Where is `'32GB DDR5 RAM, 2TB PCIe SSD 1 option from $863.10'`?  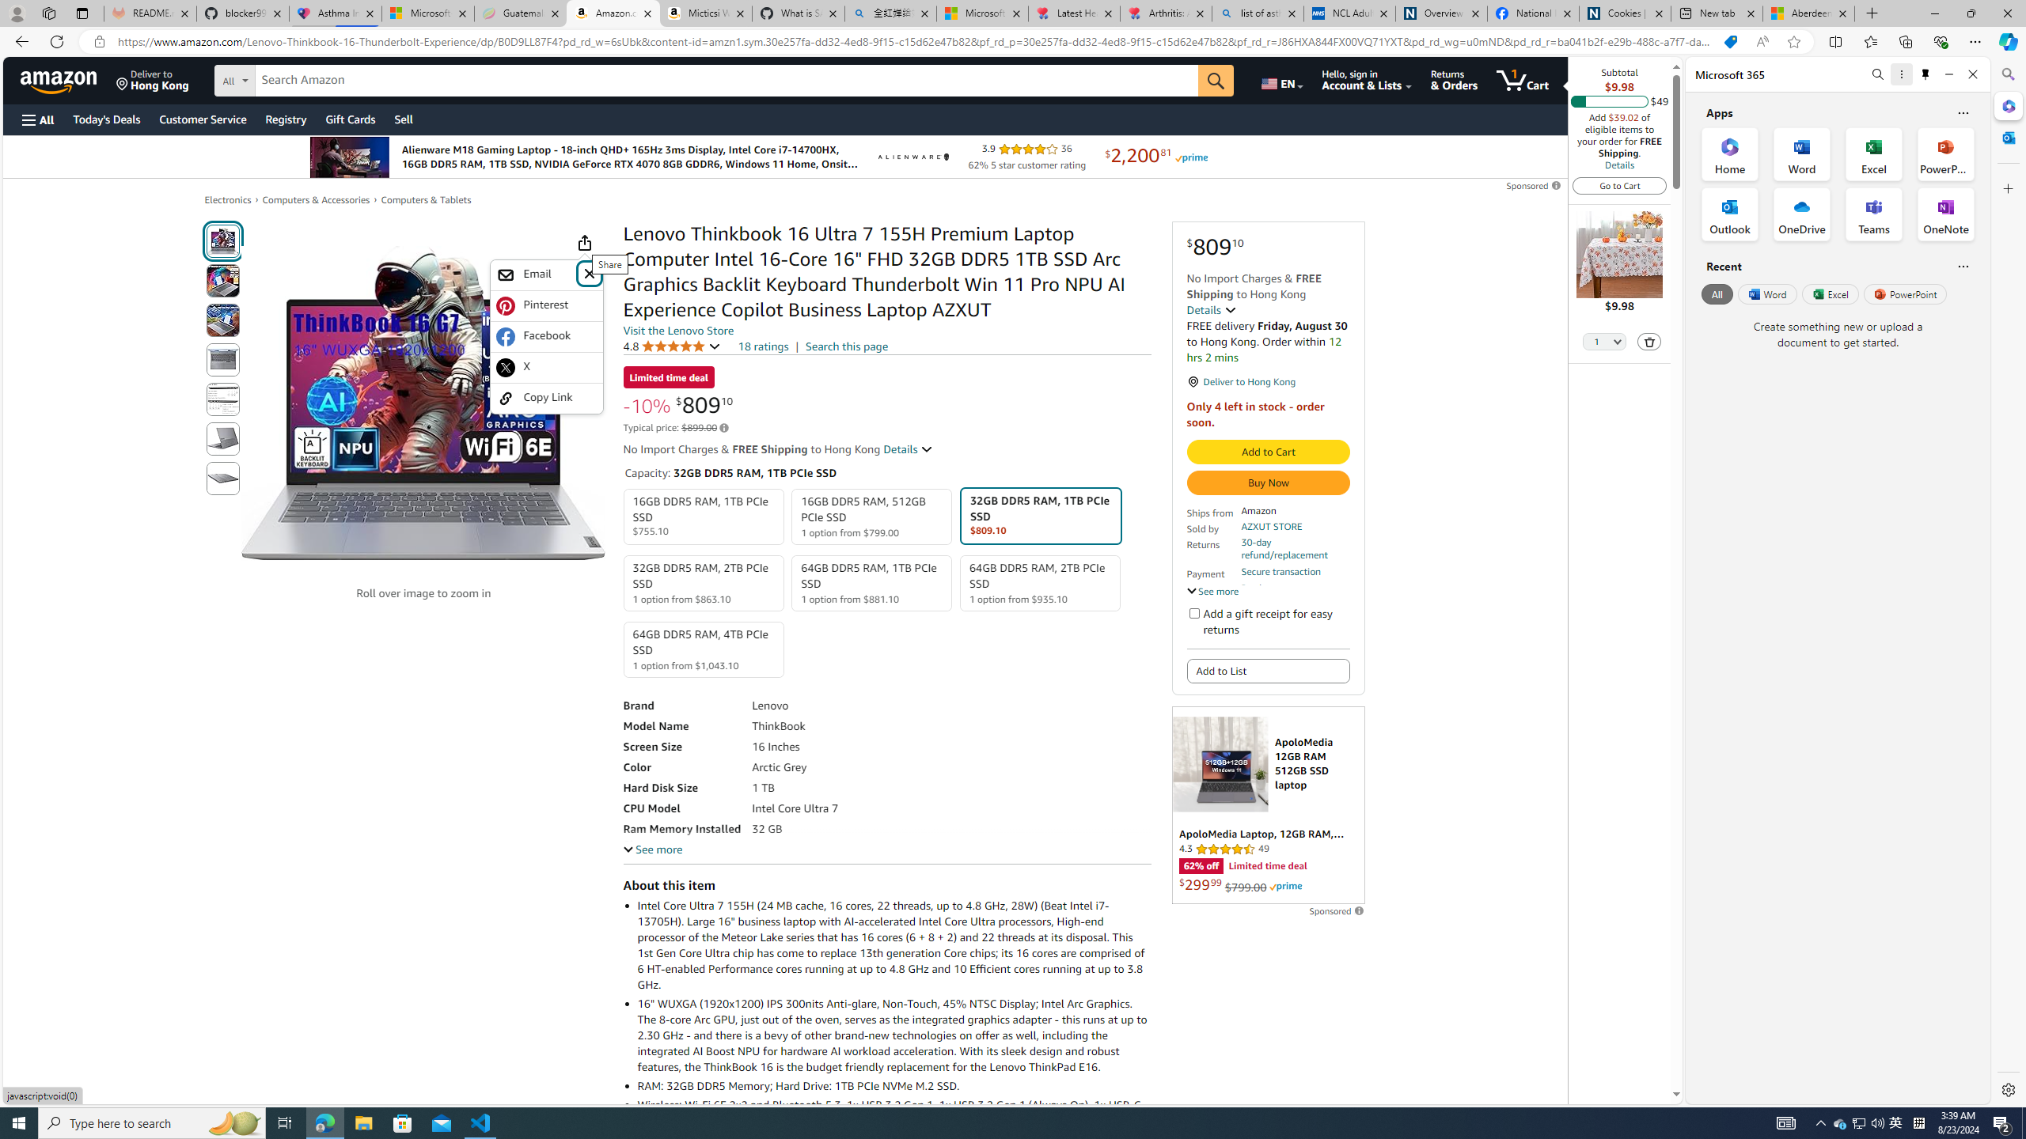
'32GB DDR5 RAM, 2TB PCIe SSD 1 option from $863.10' is located at coordinates (703, 582).